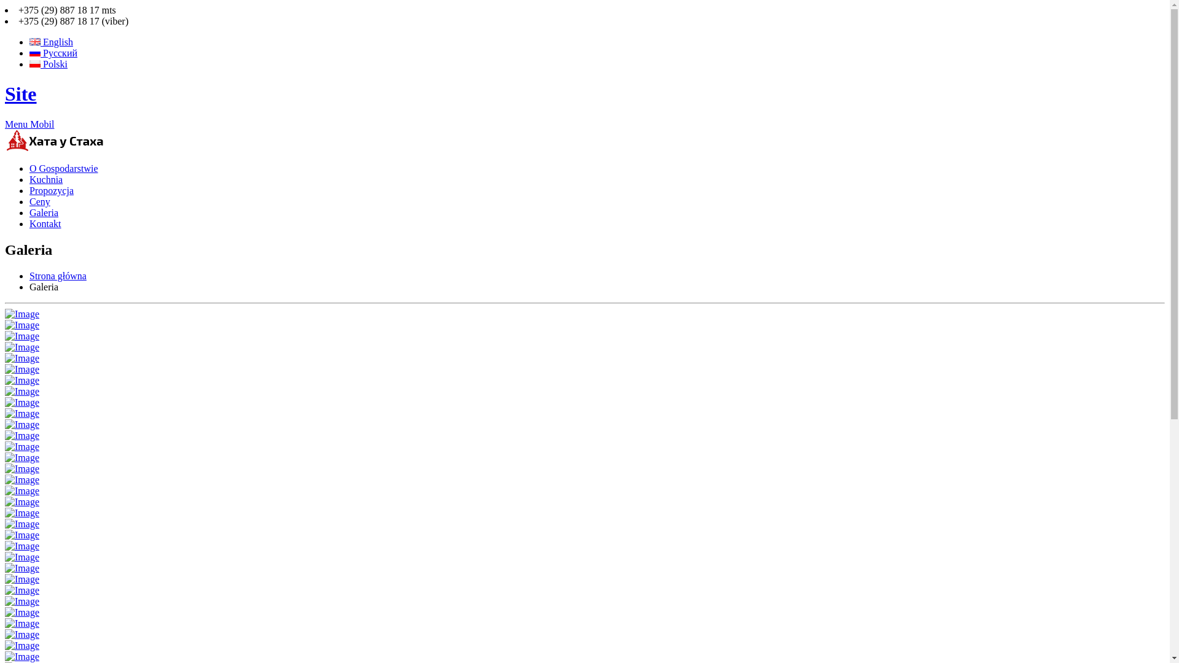  What do you see at coordinates (63, 168) in the screenshot?
I see `'O Gospodarstwie'` at bounding box center [63, 168].